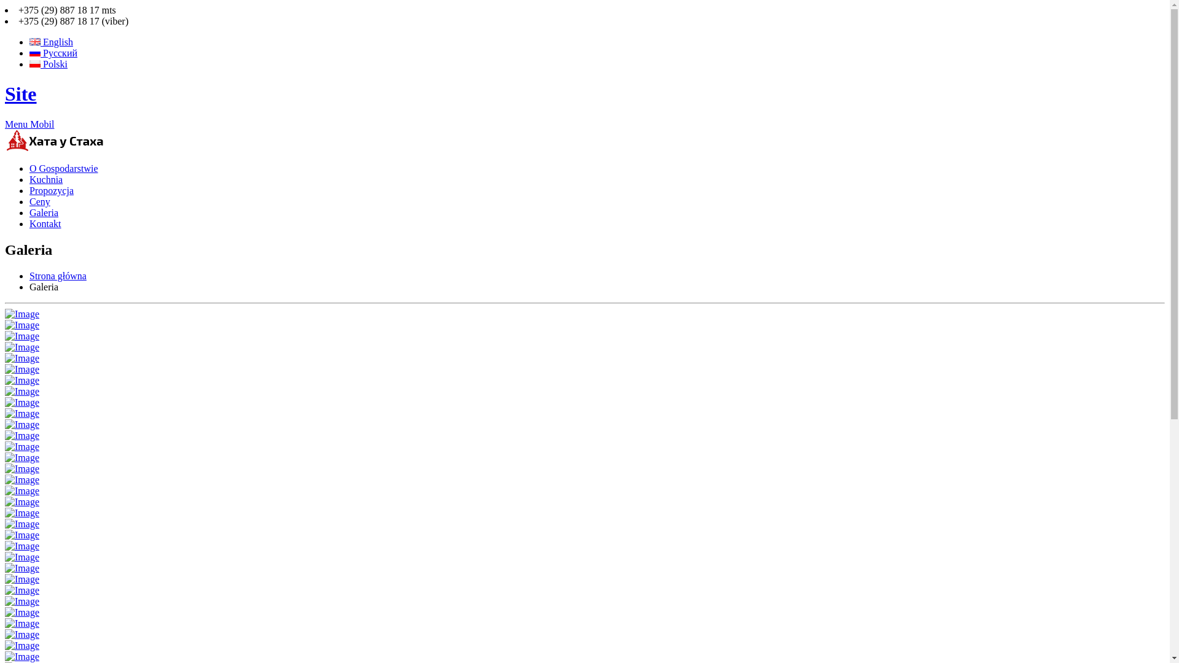  What do you see at coordinates (63, 168) in the screenshot?
I see `'O Gospodarstwie'` at bounding box center [63, 168].